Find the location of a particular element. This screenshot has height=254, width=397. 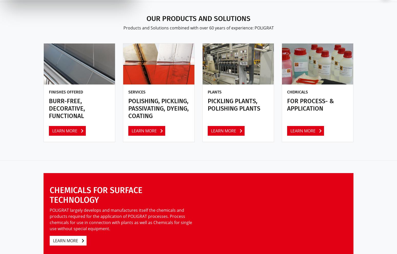

'POLIGRAT largely develops and manufactures itself the chemicals and products required for the application of POLIGRAT processes. Process chemicals for use in connection with plants as well as Chemicals for single use without special equipment.' is located at coordinates (120, 219).